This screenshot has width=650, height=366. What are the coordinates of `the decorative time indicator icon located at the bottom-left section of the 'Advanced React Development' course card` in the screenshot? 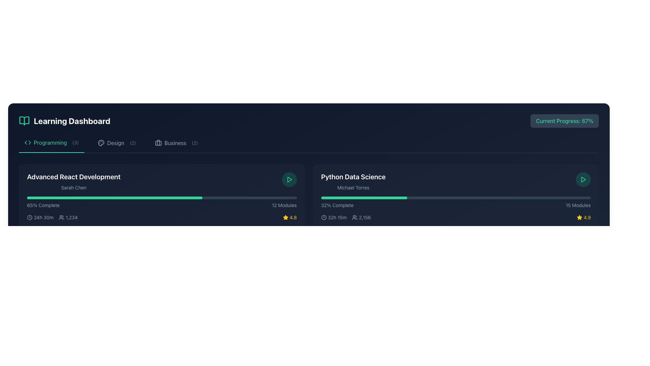 It's located at (29, 217).